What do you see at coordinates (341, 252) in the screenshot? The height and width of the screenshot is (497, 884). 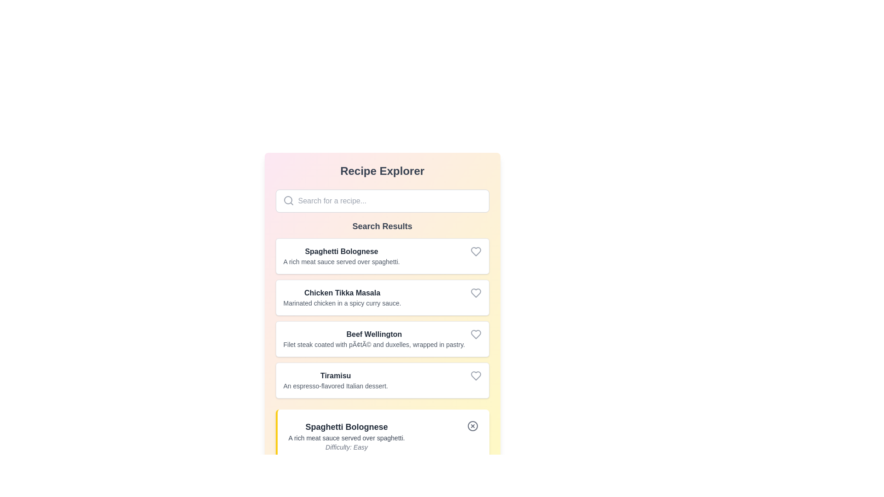 I see `title text of the first recipe in the search results list, which is displayed prominently above the description` at bounding box center [341, 252].